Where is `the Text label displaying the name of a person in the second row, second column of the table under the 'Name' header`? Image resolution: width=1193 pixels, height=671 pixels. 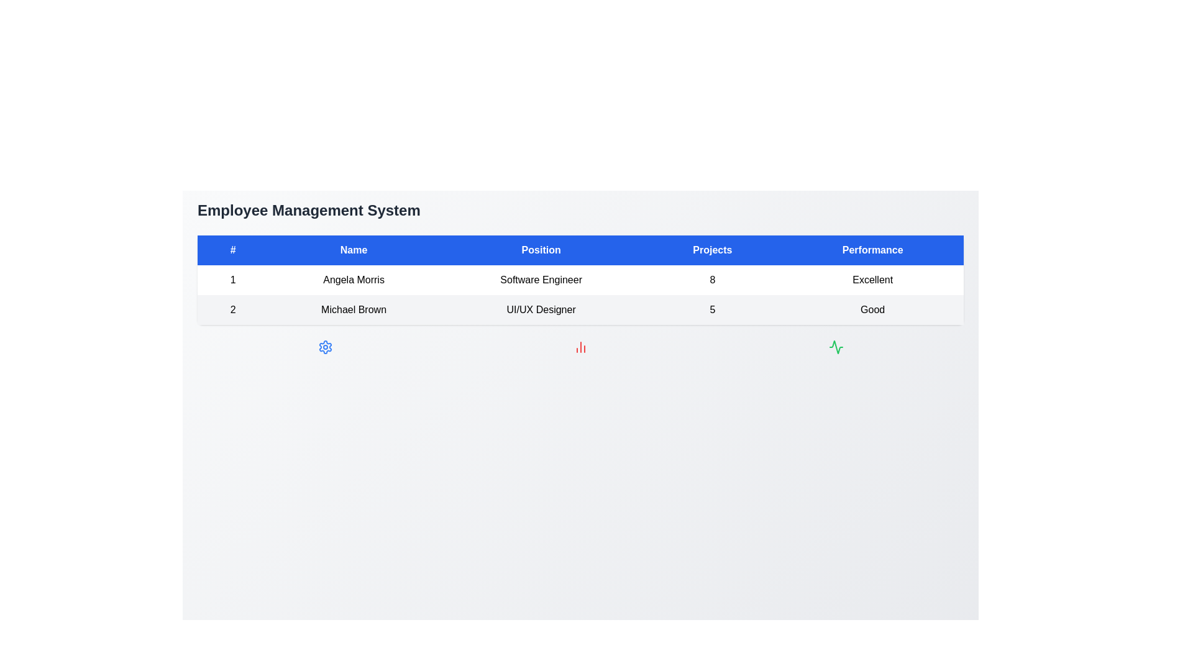 the Text label displaying the name of a person in the second row, second column of the table under the 'Name' header is located at coordinates (353, 309).